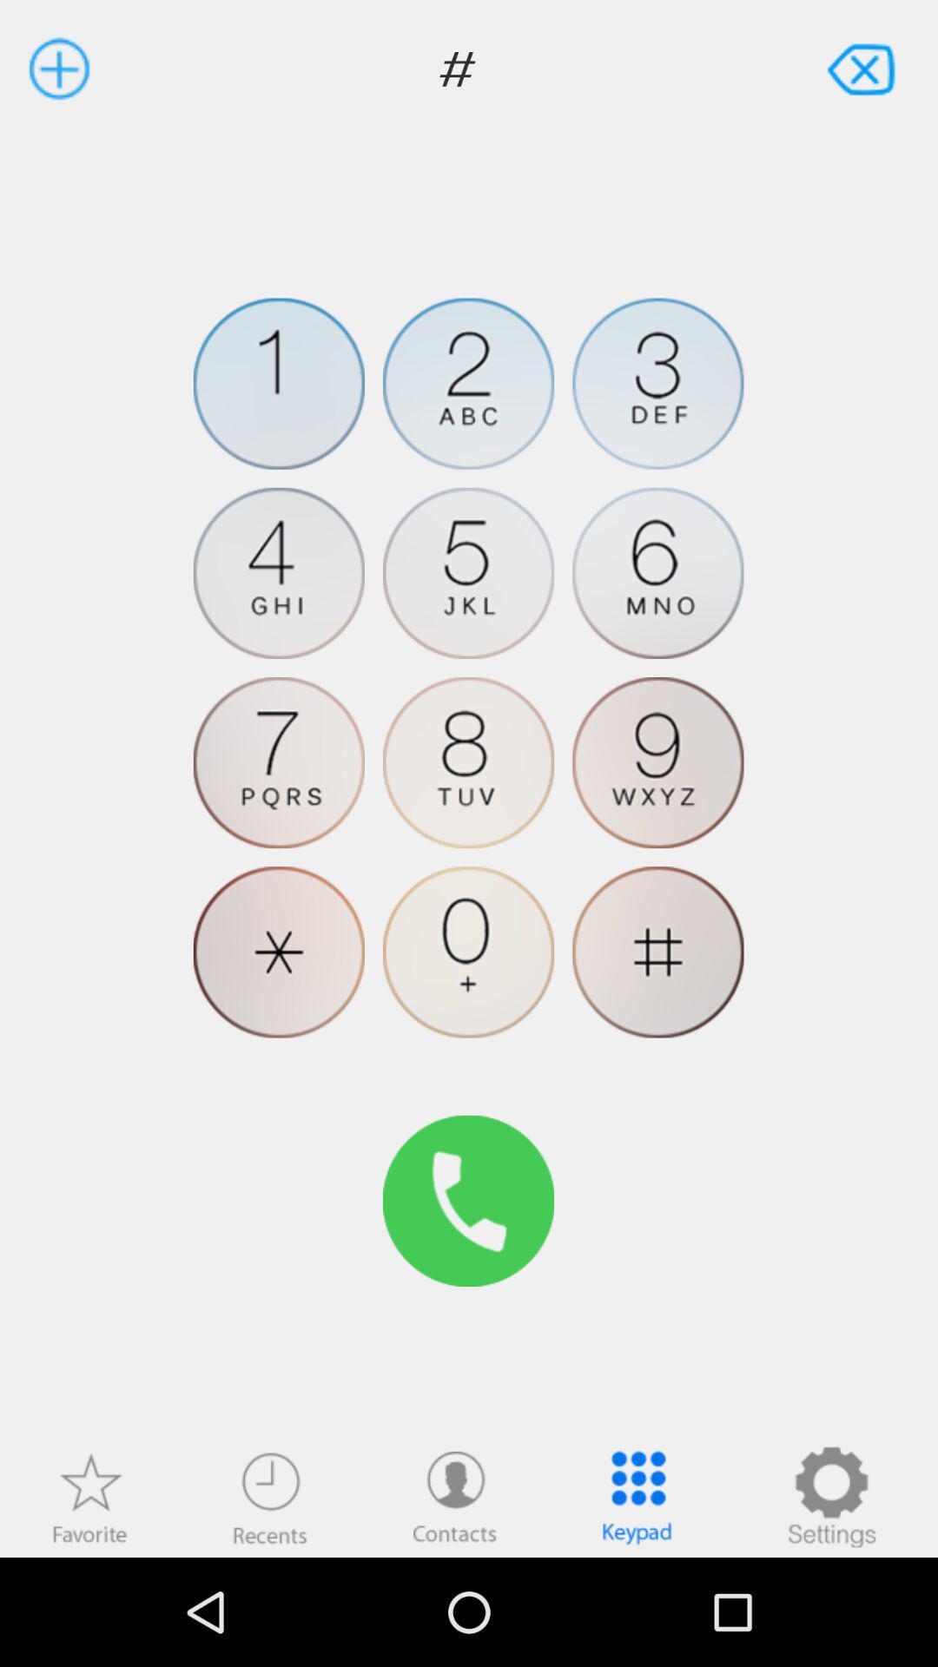  What do you see at coordinates (278, 951) in the screenshot?
I see `dial asterisk` at bounding box center [278, 951].